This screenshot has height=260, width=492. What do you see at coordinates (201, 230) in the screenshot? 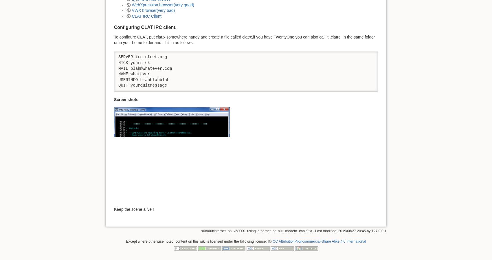
I see `'x68000/internet_on_x68000_using_ethernet_or_null_modem_cable.txt'` at bounding box center [201, 230].